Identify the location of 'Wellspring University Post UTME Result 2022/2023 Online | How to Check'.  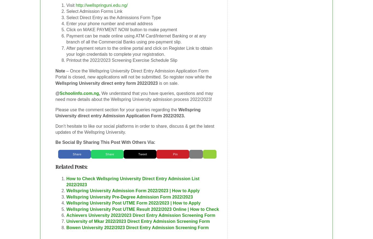
(143, 209).